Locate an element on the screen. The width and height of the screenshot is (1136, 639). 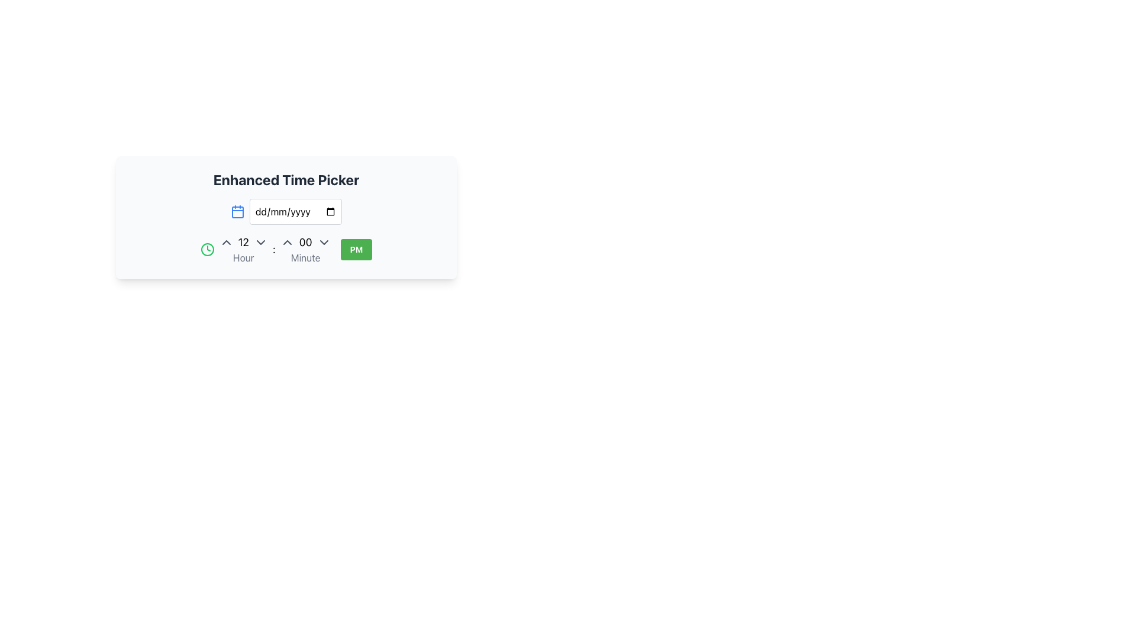
the green circular element within the clock icon, which represents the outer rim of the clock, located on the left side of the time picker interface is located at coordinates (207, 248).